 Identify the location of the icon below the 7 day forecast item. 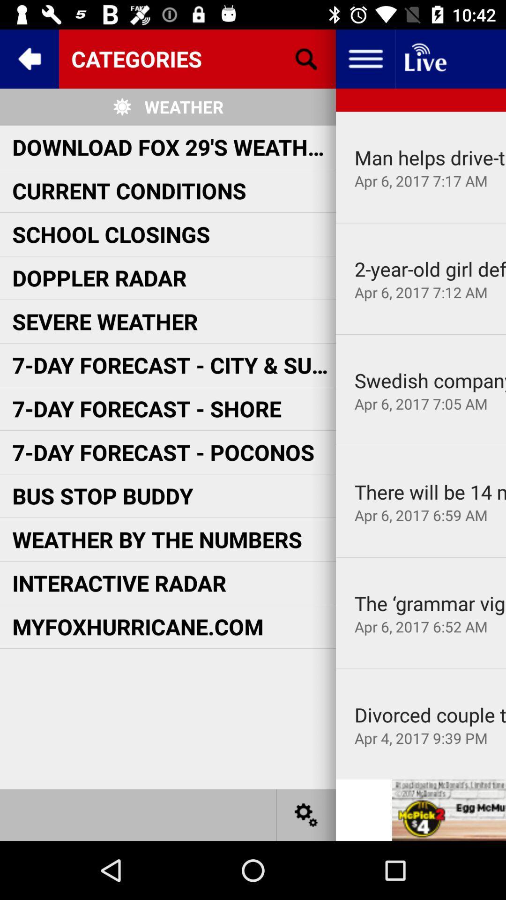
(103, 495).